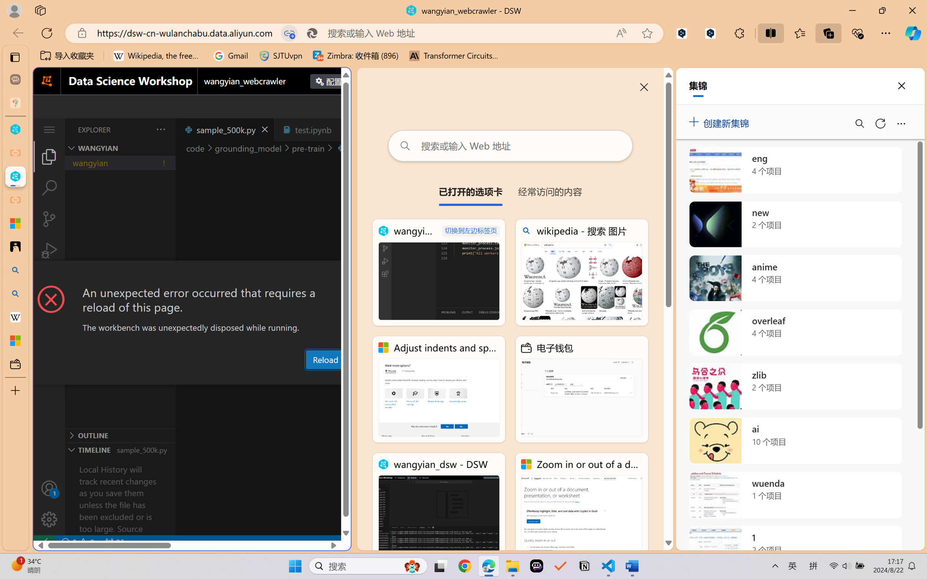 The width and height of the screenshot is (927, 579). Describe the element at coordinates (15, 317) in the screenshot. I see `'Earth - Wikipedia'` at that location.